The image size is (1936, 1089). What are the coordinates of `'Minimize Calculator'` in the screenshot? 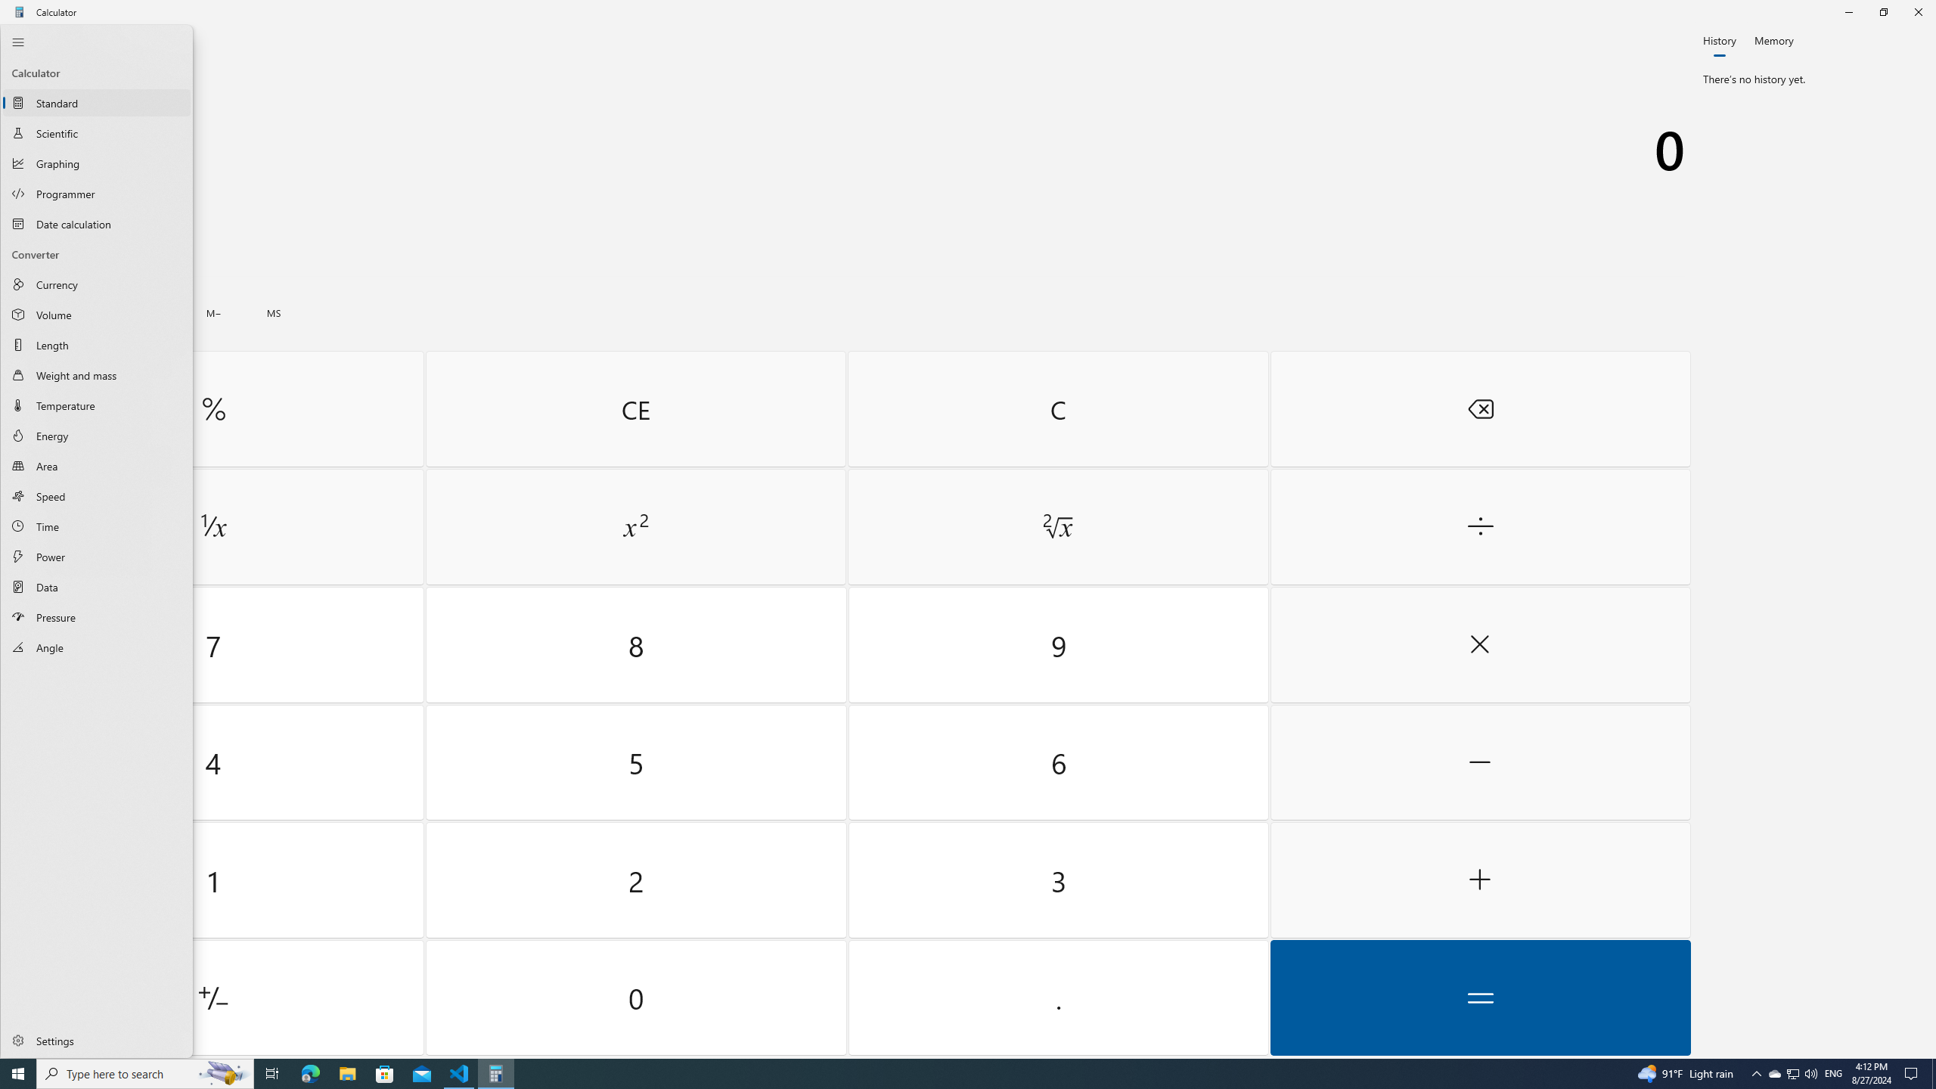 It's located at (1848, 11).